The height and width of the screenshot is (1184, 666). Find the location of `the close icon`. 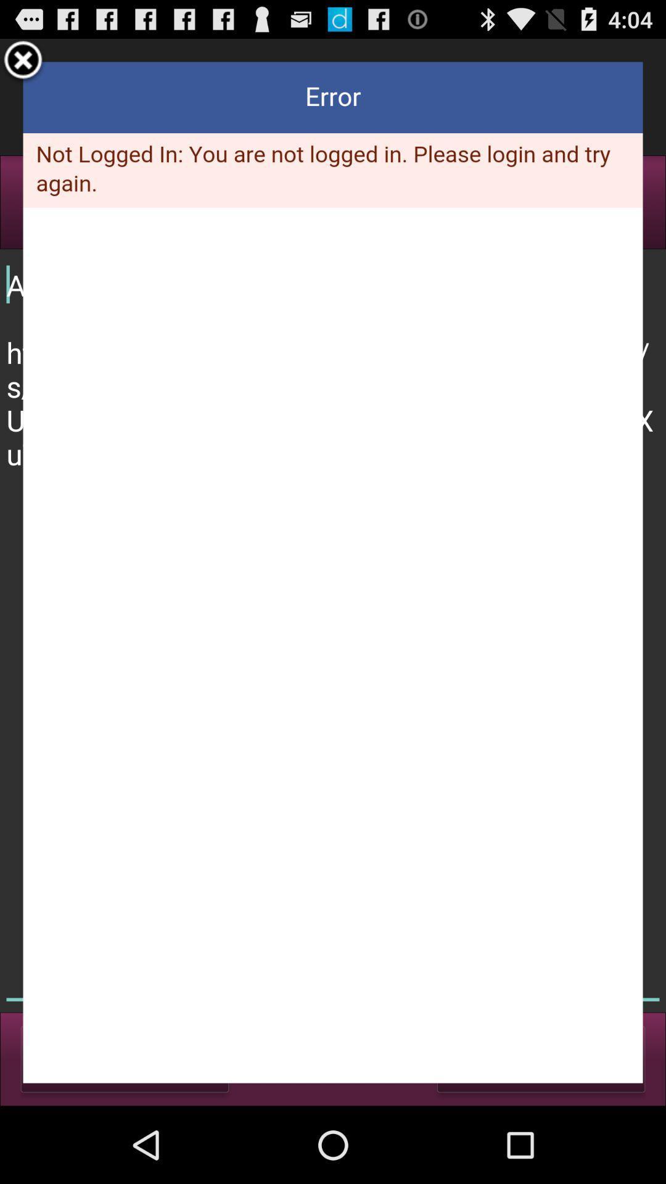

the close icon is located at coordinates (23, 65).